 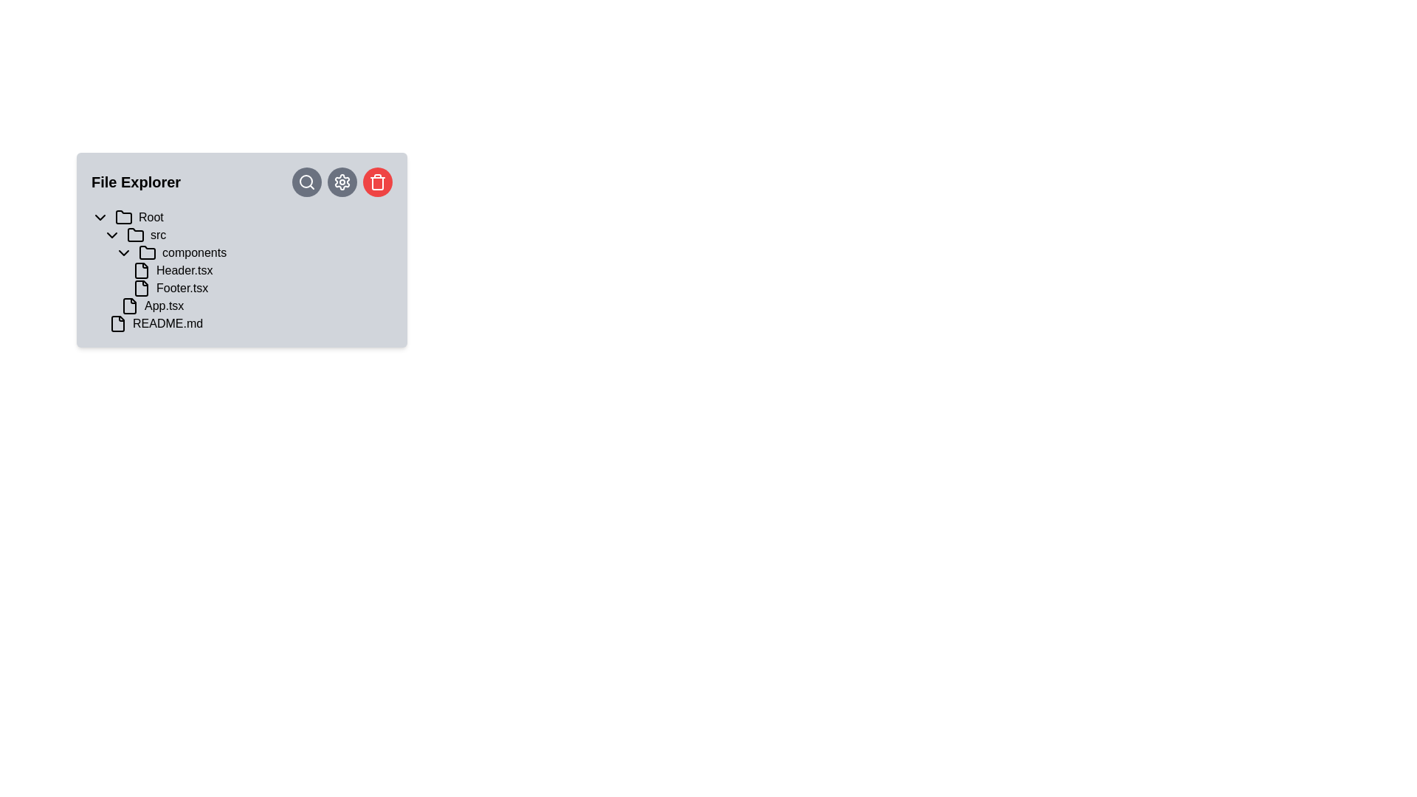 What do you see at coordinates (241, 181) in the screenshot?
I see `the header element containing the text 'File Explorer'` at bounding box center [241, 181].